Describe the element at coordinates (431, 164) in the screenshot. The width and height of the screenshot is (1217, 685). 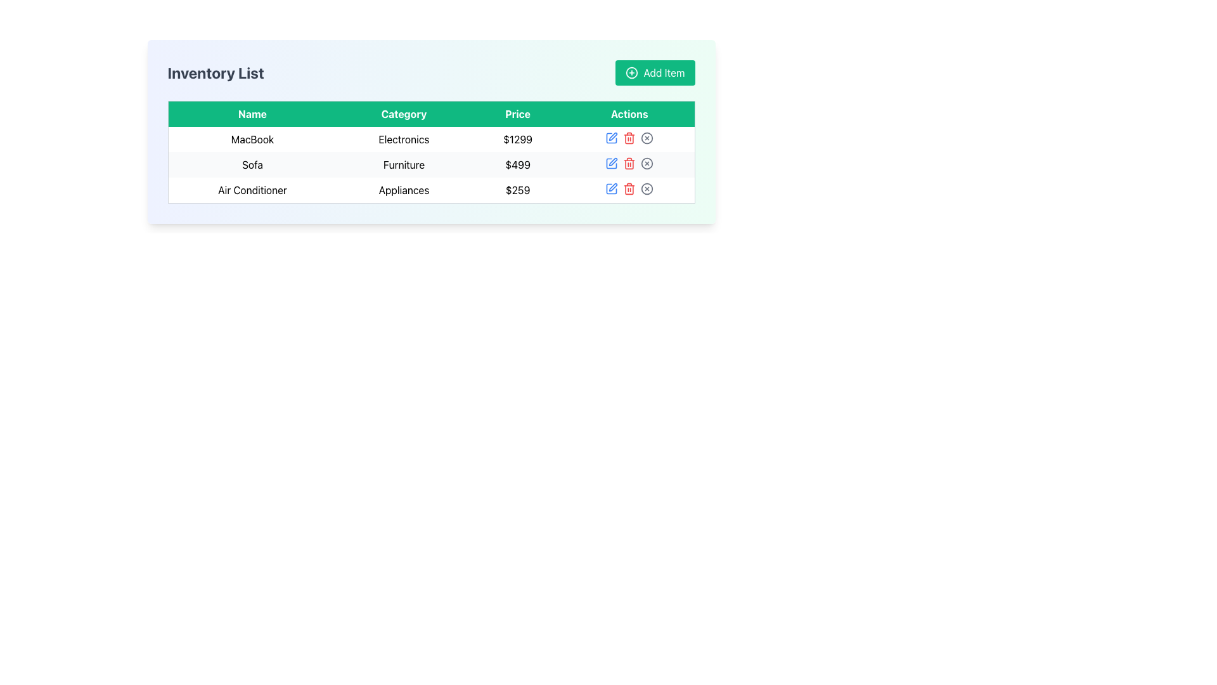
I see `the contents of the table row labeled 'Sofa' which contains the labels 'Sofa', 'Furniture'` at that location.